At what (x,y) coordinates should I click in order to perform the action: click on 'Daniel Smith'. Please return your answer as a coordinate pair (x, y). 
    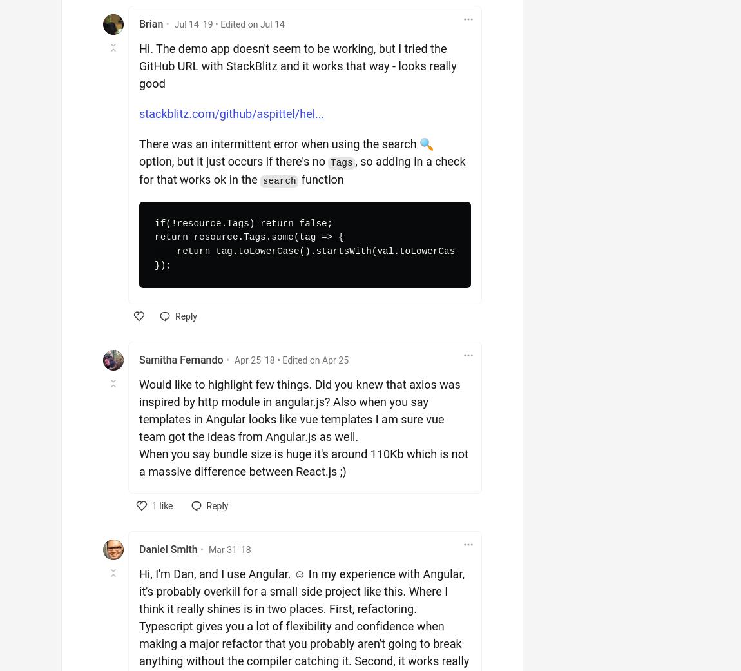
    Looking at the image, I should click on (138, 549).